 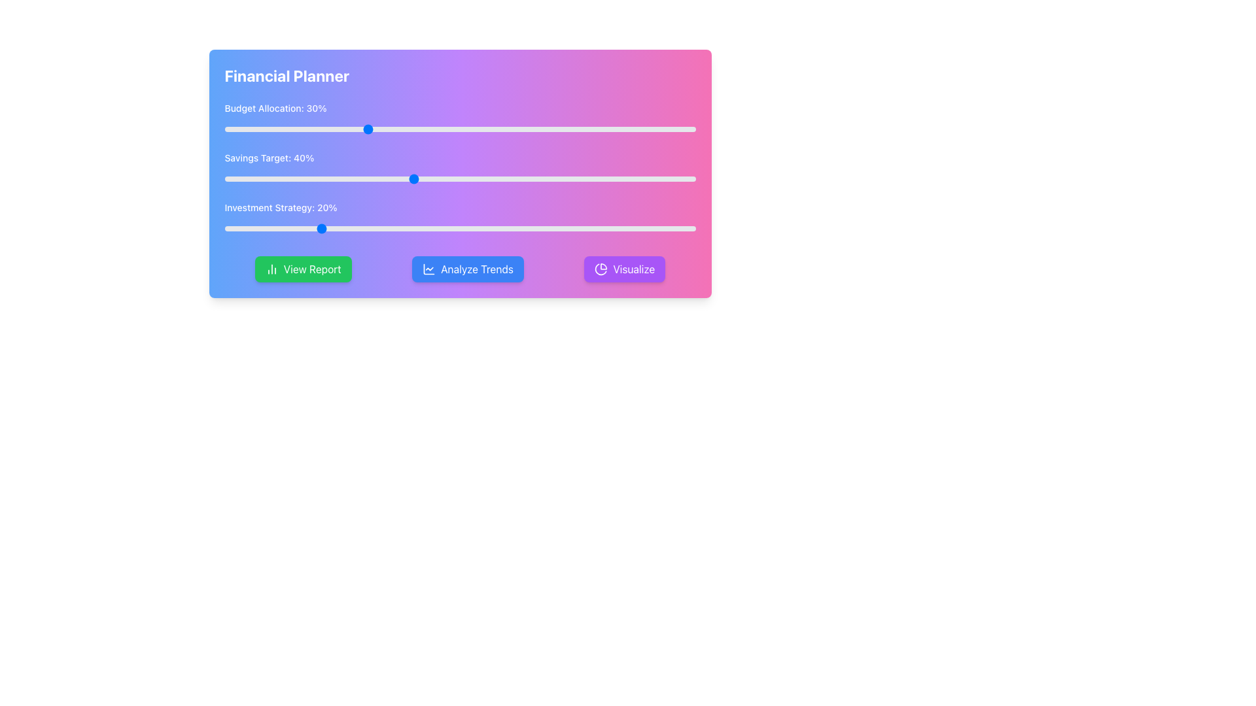 I want to click on the handle of the horizontal slider labeled 'Savings Target: 40%', so click(x=460, y=168).